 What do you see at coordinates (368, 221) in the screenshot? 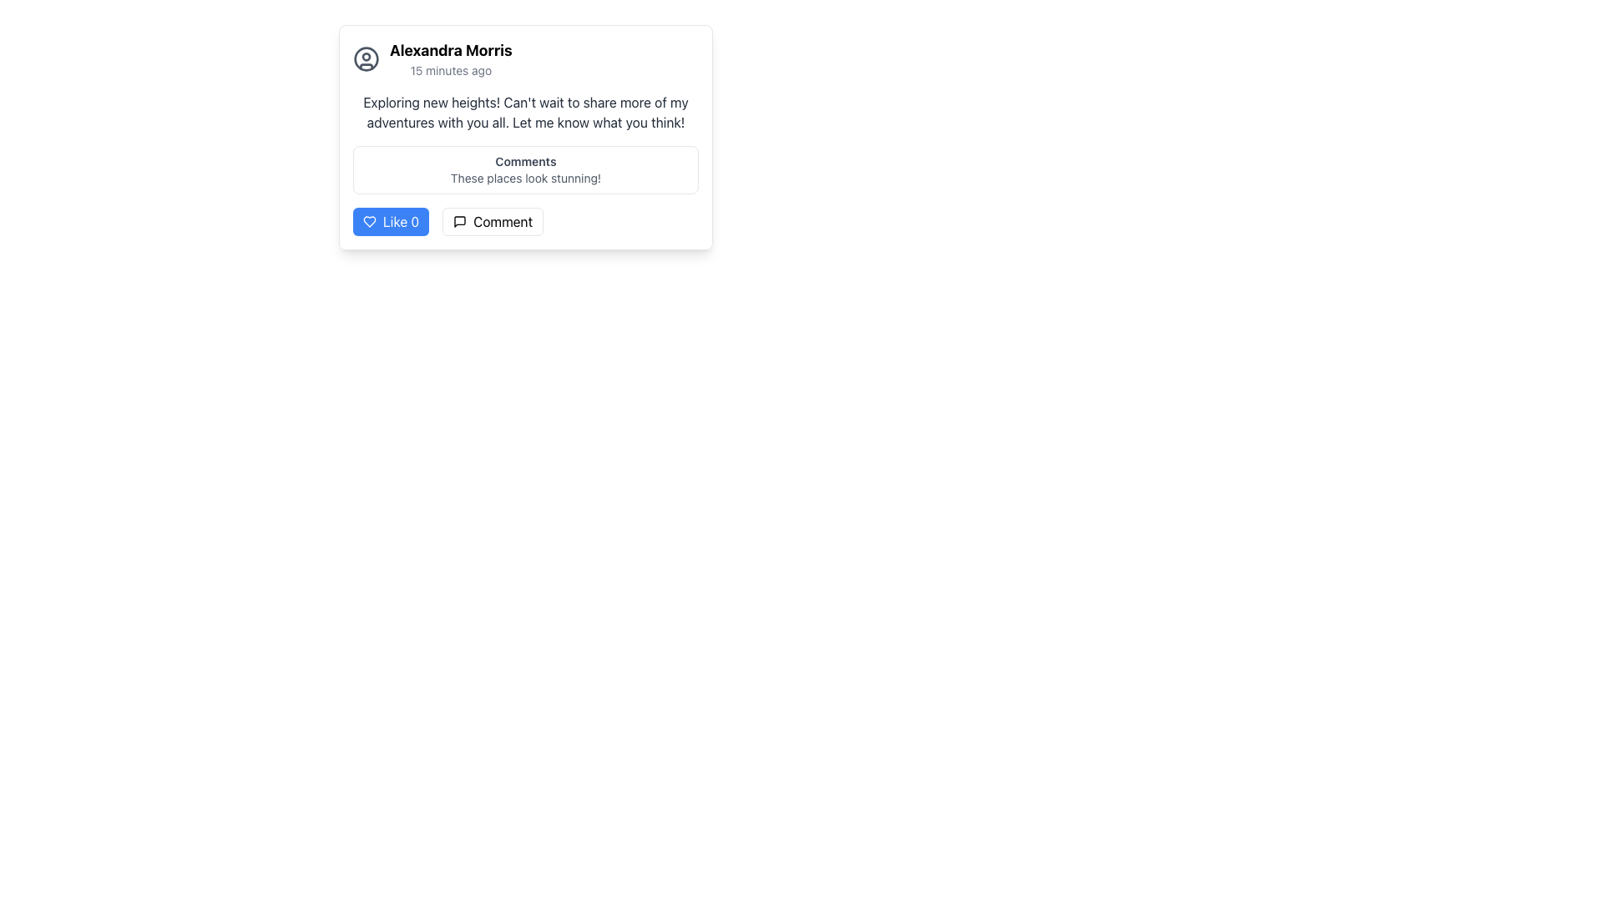
I see `the heart icon representing the 'Like' action for a post to like the post and increment the like counter` at bounding box center [368, 221].